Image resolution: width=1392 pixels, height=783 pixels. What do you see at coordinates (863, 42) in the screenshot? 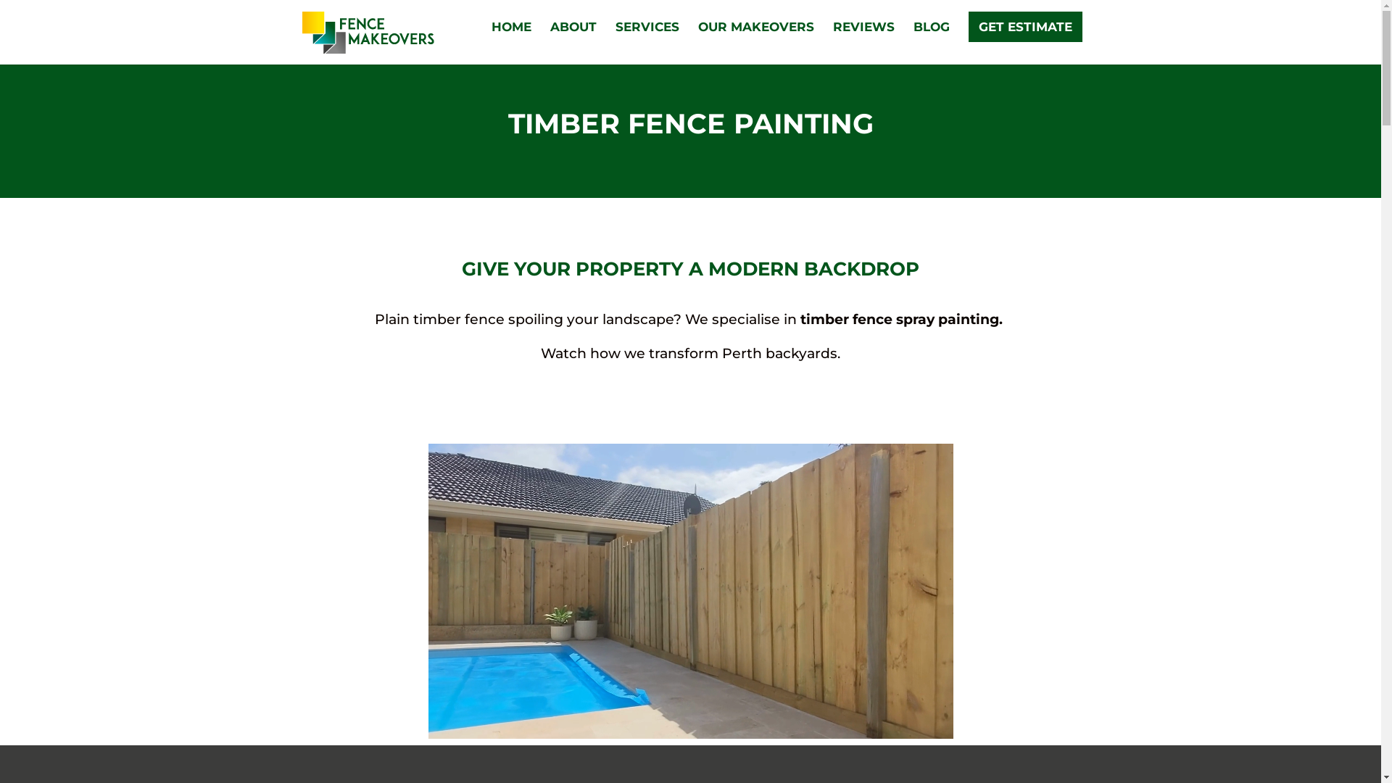
I see `'REVIEWS'` at bounding box center [863, 42].